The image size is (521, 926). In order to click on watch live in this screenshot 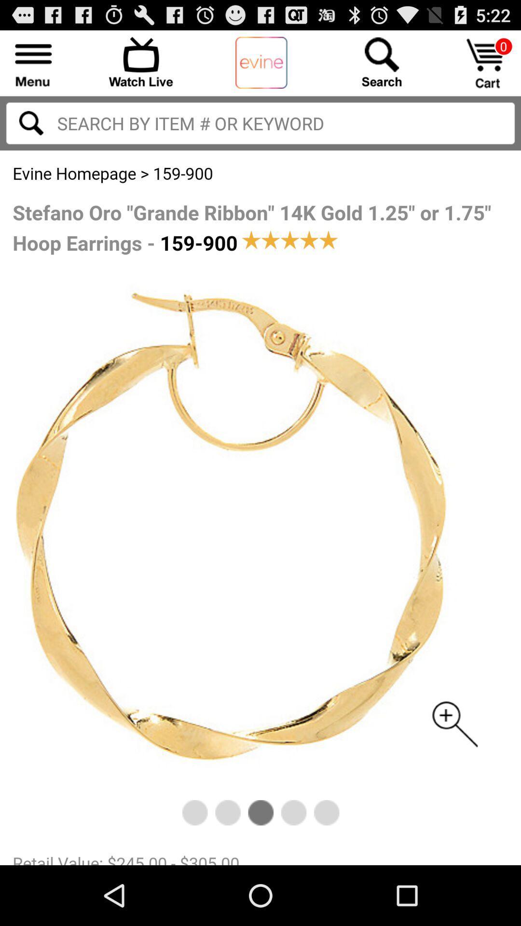, I will do `click(141, 61)`.